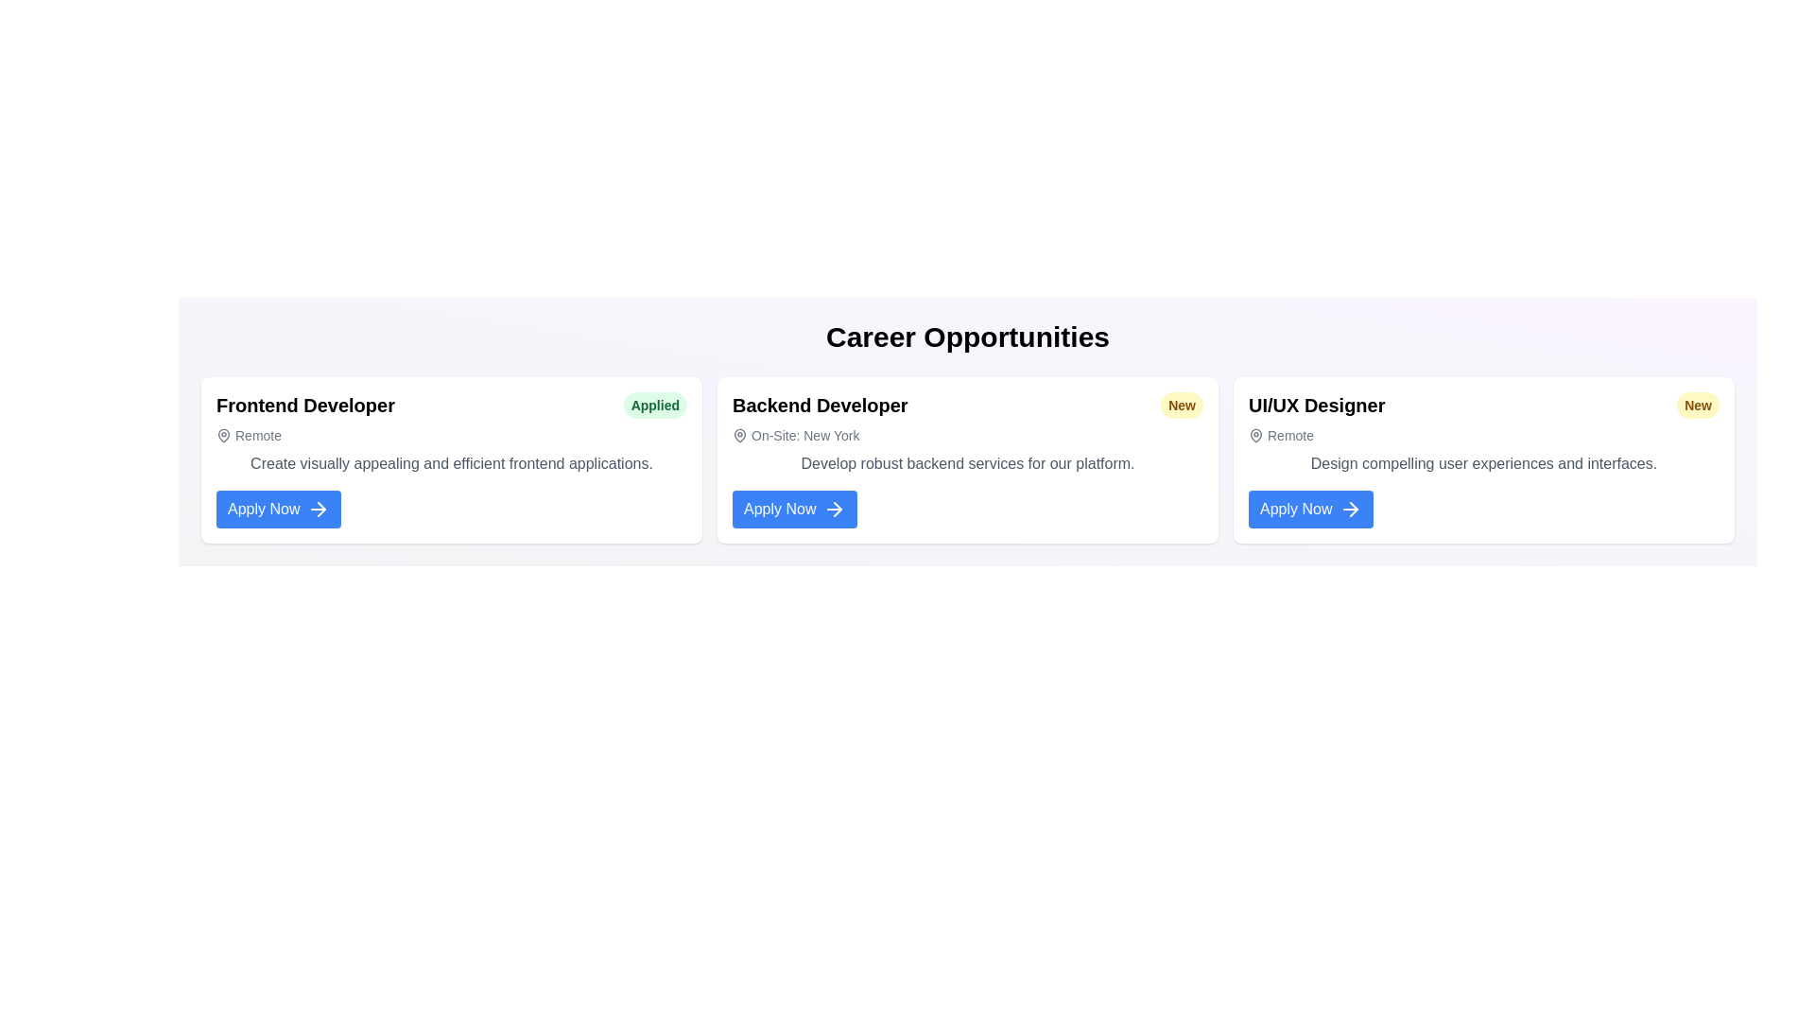 This screenshot has width=1815, height=1021. What do you see at coordinates (1316, 404) in the screenshot?
I see `the title Text label of the job card in the third position under the 'Career Opportunities' section, which serves as the visual descriptor for the job role` at bounding box center [1316, 404].